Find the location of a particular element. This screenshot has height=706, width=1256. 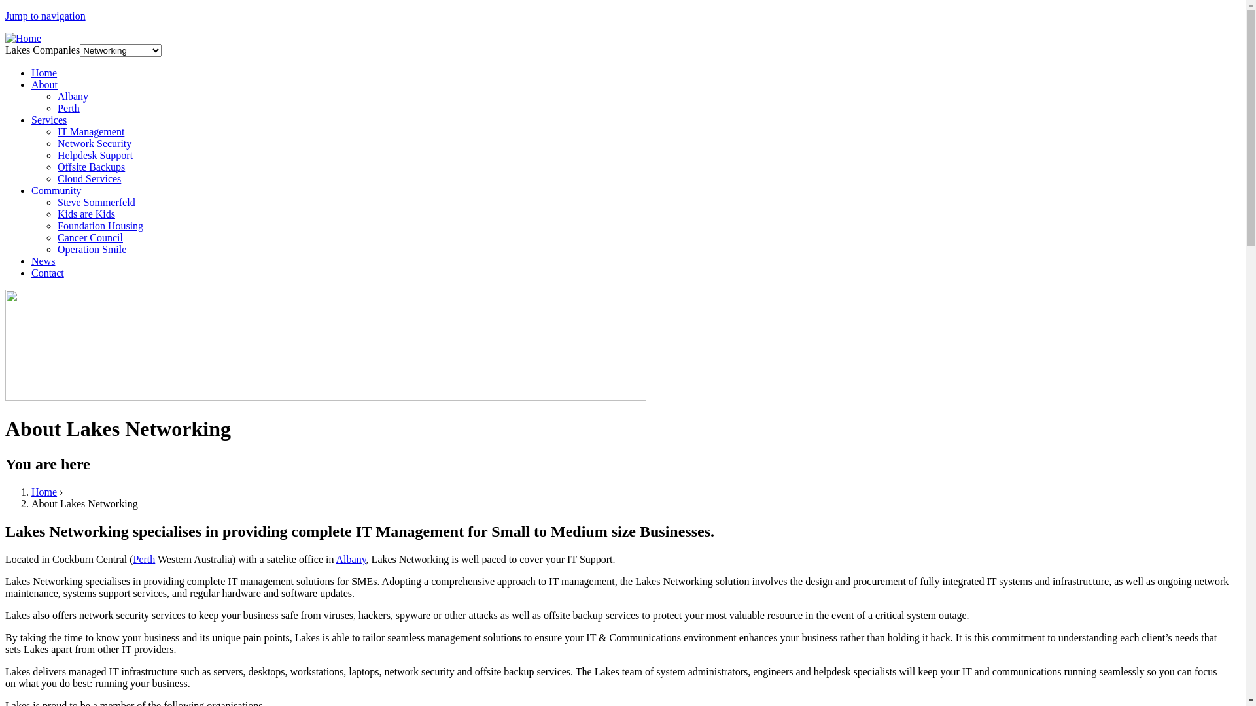

'Offsite Backups' is located at coordinates (90, 166).